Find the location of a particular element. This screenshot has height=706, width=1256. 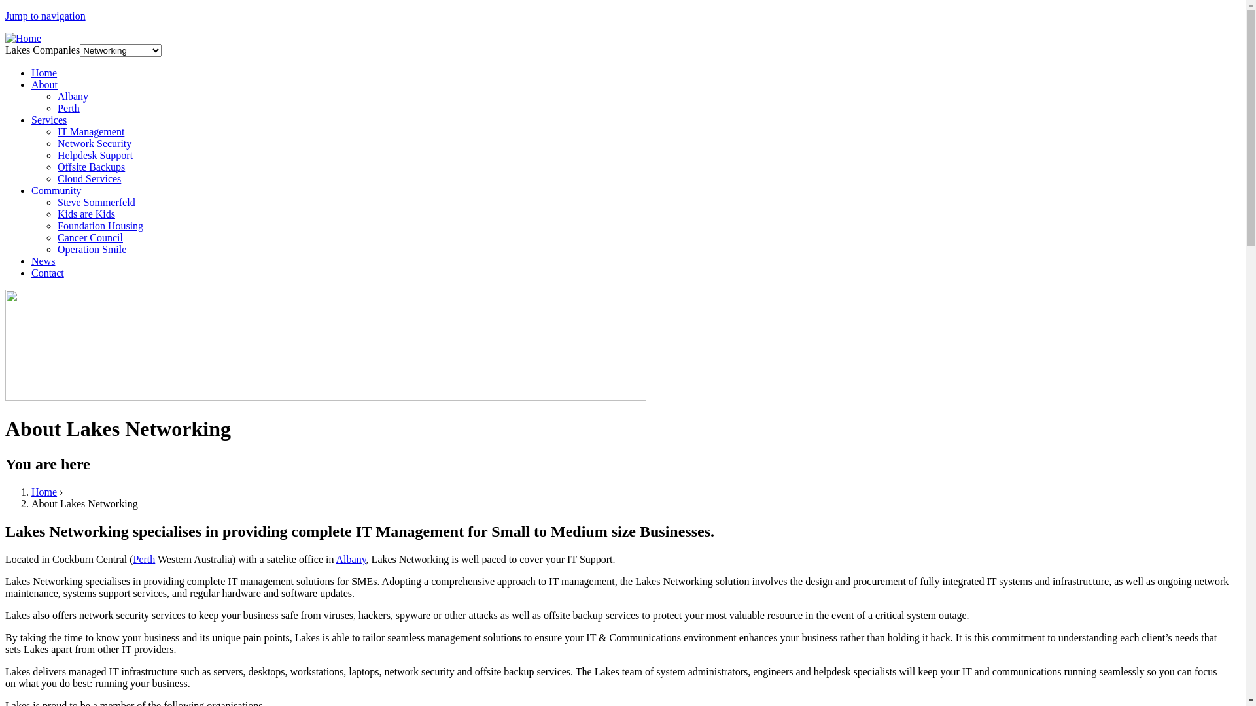

'Offsite Backups' is located at coordinates (90, 166).